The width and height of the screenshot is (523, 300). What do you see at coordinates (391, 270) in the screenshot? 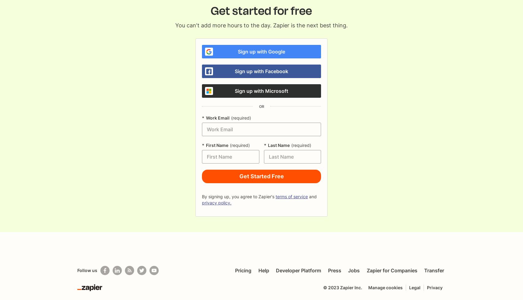
I see `'Zapier for Companies'` at bounding box center [391, 270].